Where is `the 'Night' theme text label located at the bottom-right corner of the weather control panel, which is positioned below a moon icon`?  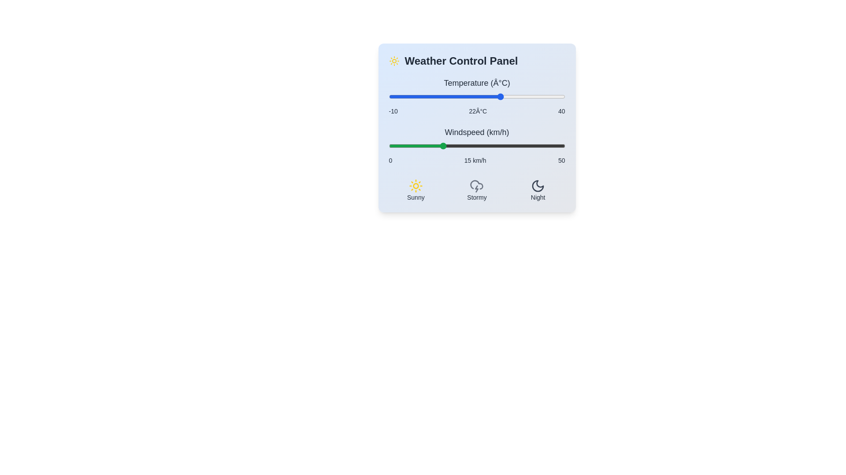 the 'Night' theme text label located at the bottom-right corner of the weather control panel, which is positioned below a moon icon is located at coordinates (538, 197).